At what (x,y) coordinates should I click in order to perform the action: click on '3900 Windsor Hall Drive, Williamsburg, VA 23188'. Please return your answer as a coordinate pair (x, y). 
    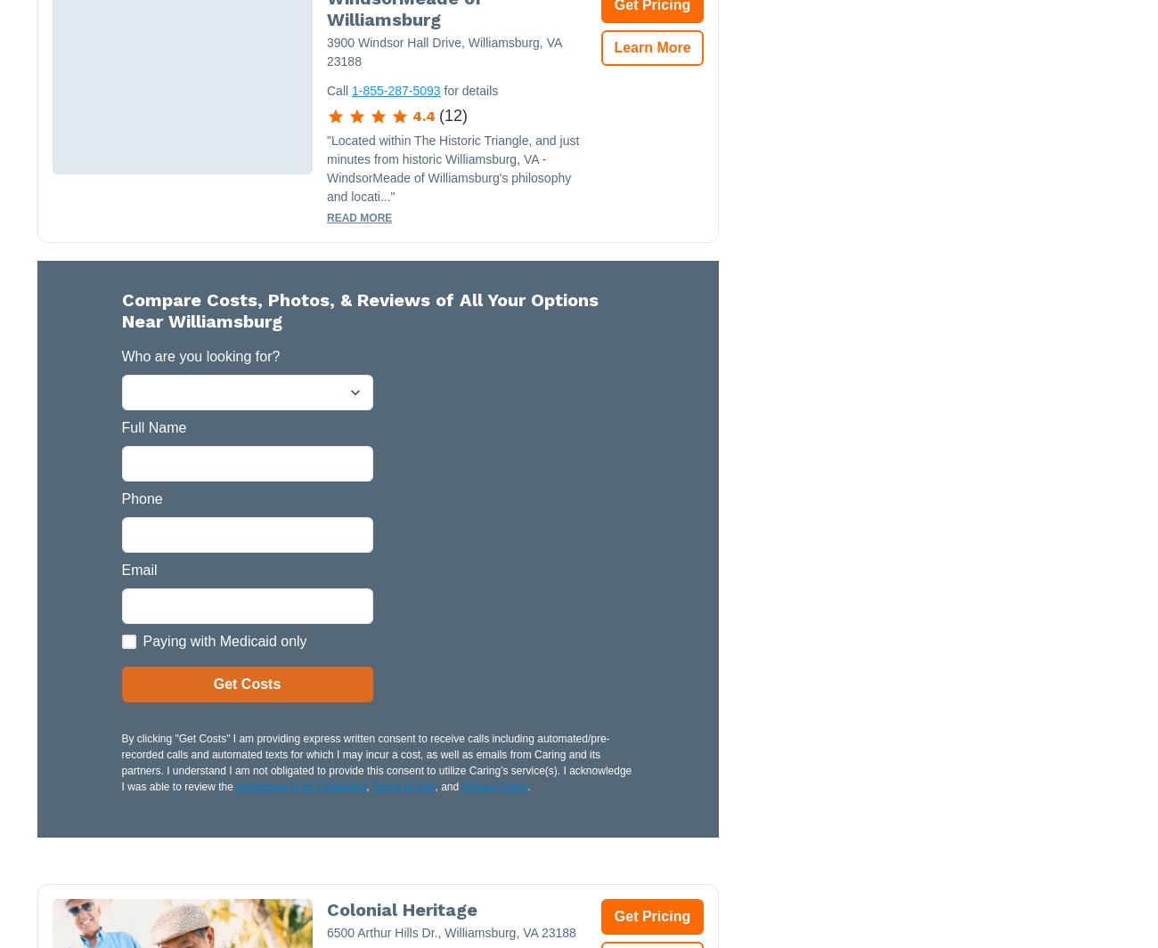
    Looking at the image, I should click on (444, 51).